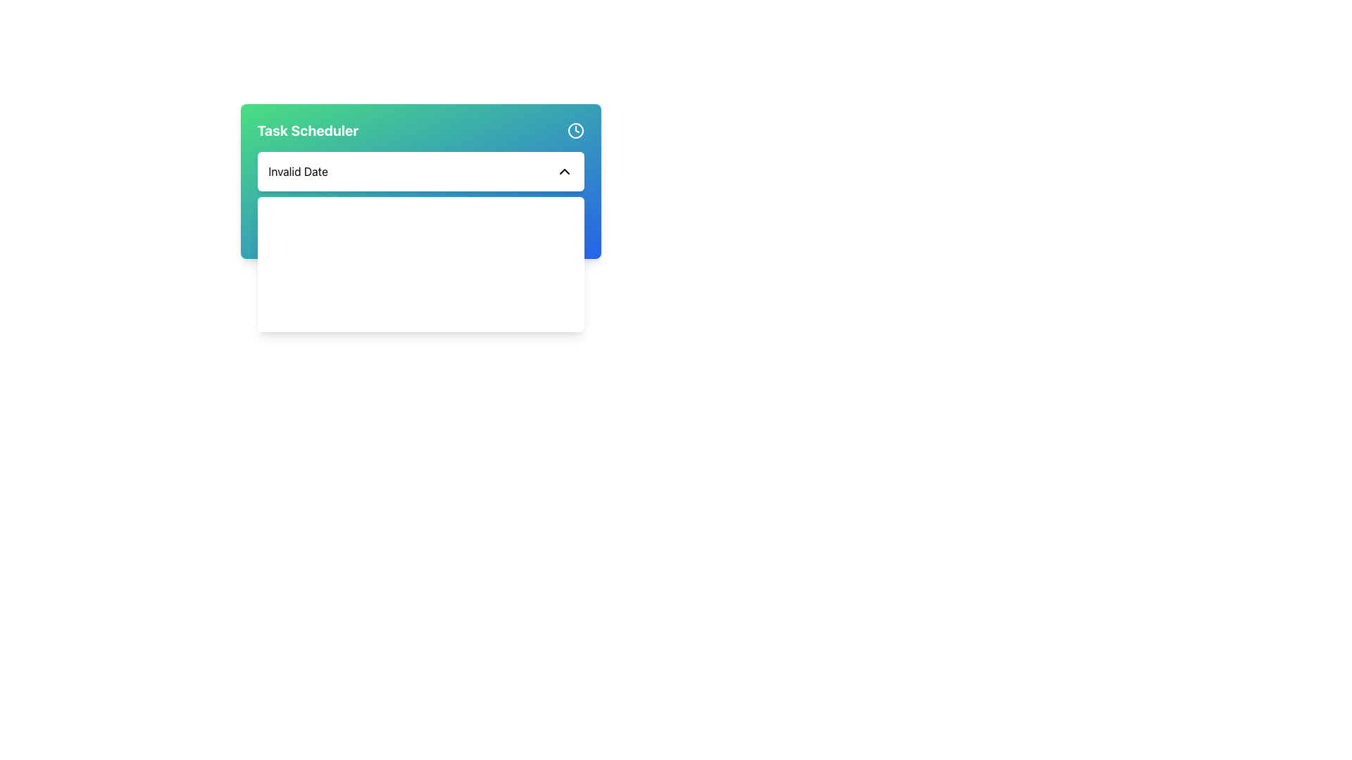  What do you see at coordinates (575, 130) in the screenshot?
I see `the circular clock icon with a gradient blue-green background located in the top-right corner of the 'Task Scheduler' header to interact with it` at bounding box center [575, 130].